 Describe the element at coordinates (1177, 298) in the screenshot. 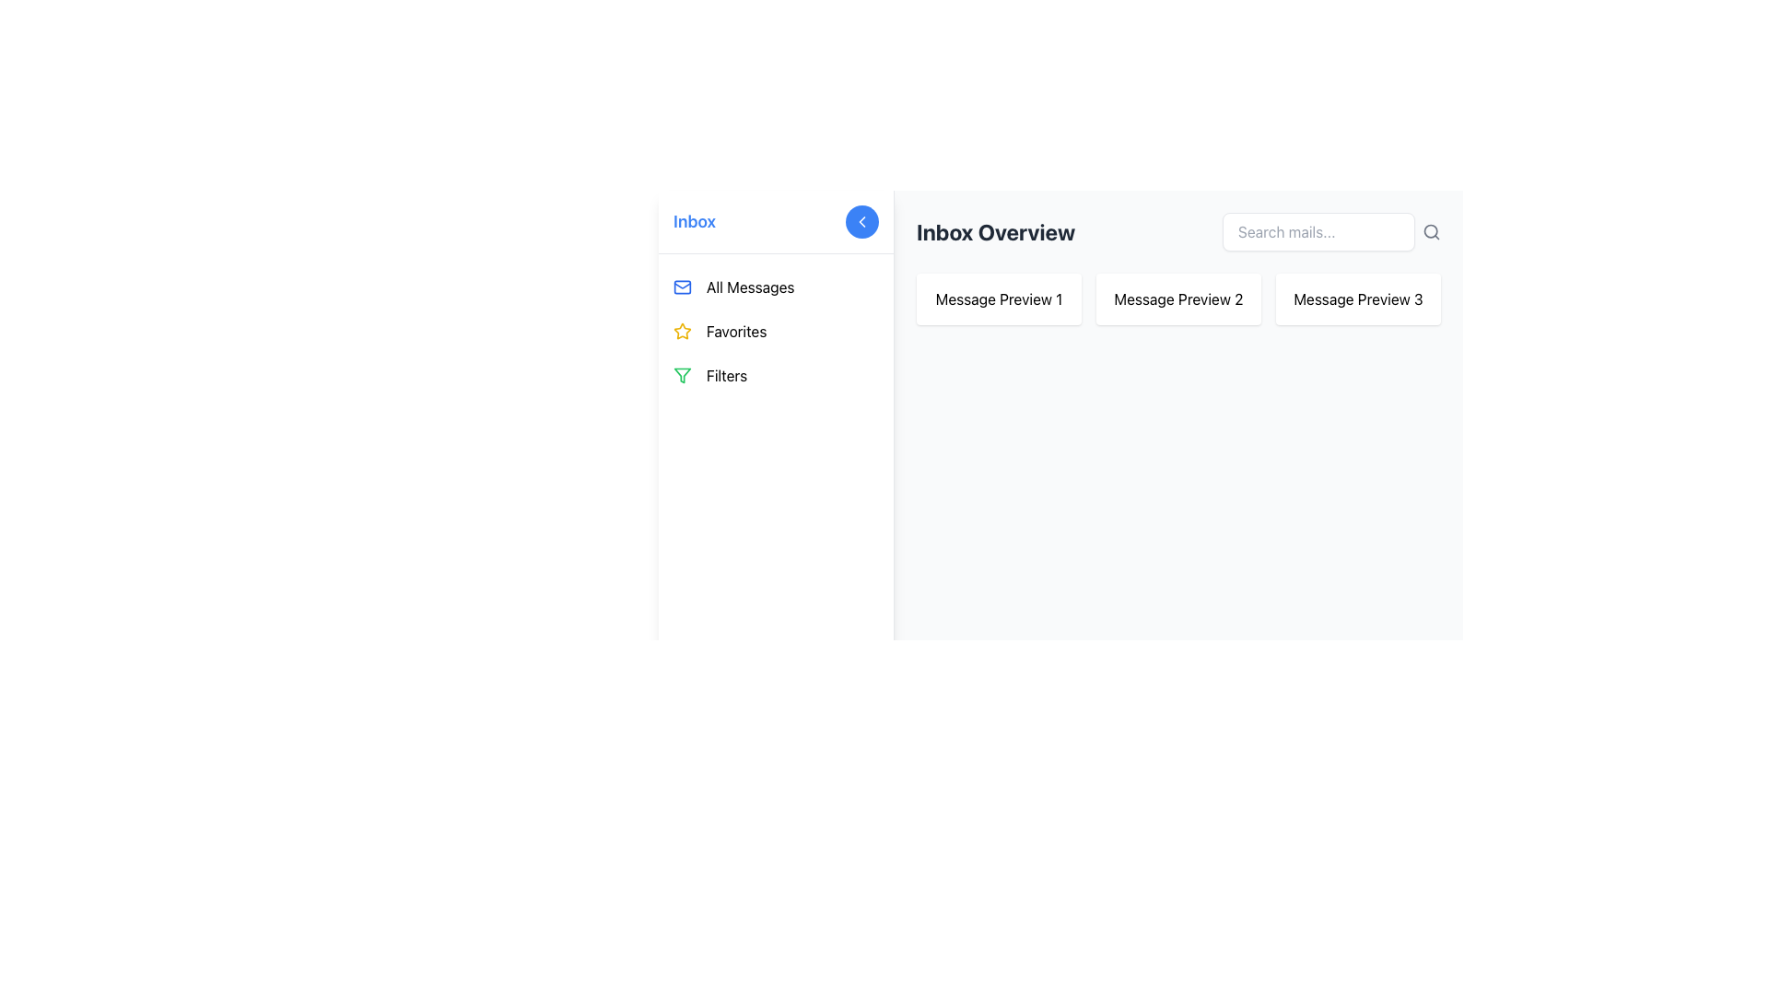

I see `the second grid box labeled 'Message Preview 2', which is located below the 'Inbox Overview' heading in the main content area, centered horizontally in the viewport` at that location.